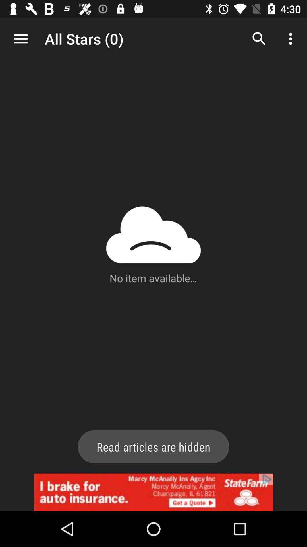 The width and height of the screenshot is (307, 547). I want to click on advertisement, so click(153, 492).